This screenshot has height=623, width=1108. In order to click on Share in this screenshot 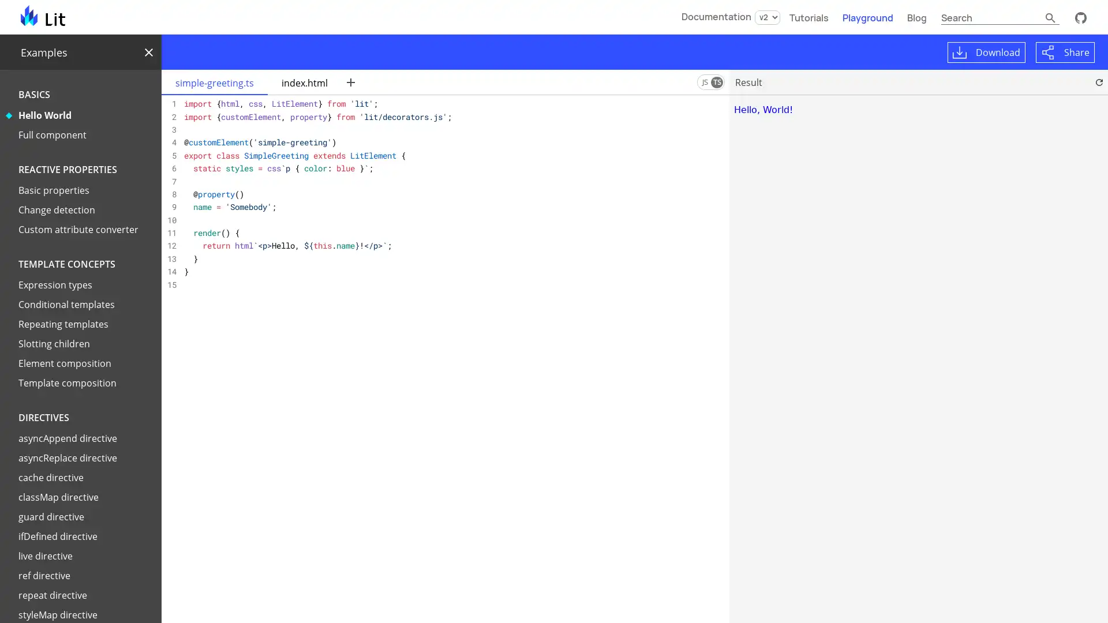, I will do `click(1064, 51)`.